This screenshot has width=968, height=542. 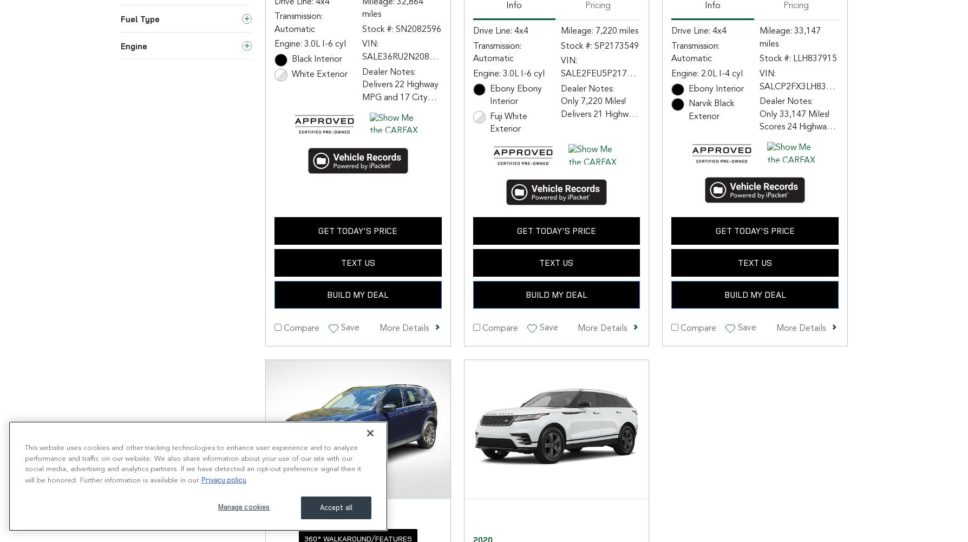 I want to click on 'Mileage: 7,220 miles', so click(x=560, y=31).